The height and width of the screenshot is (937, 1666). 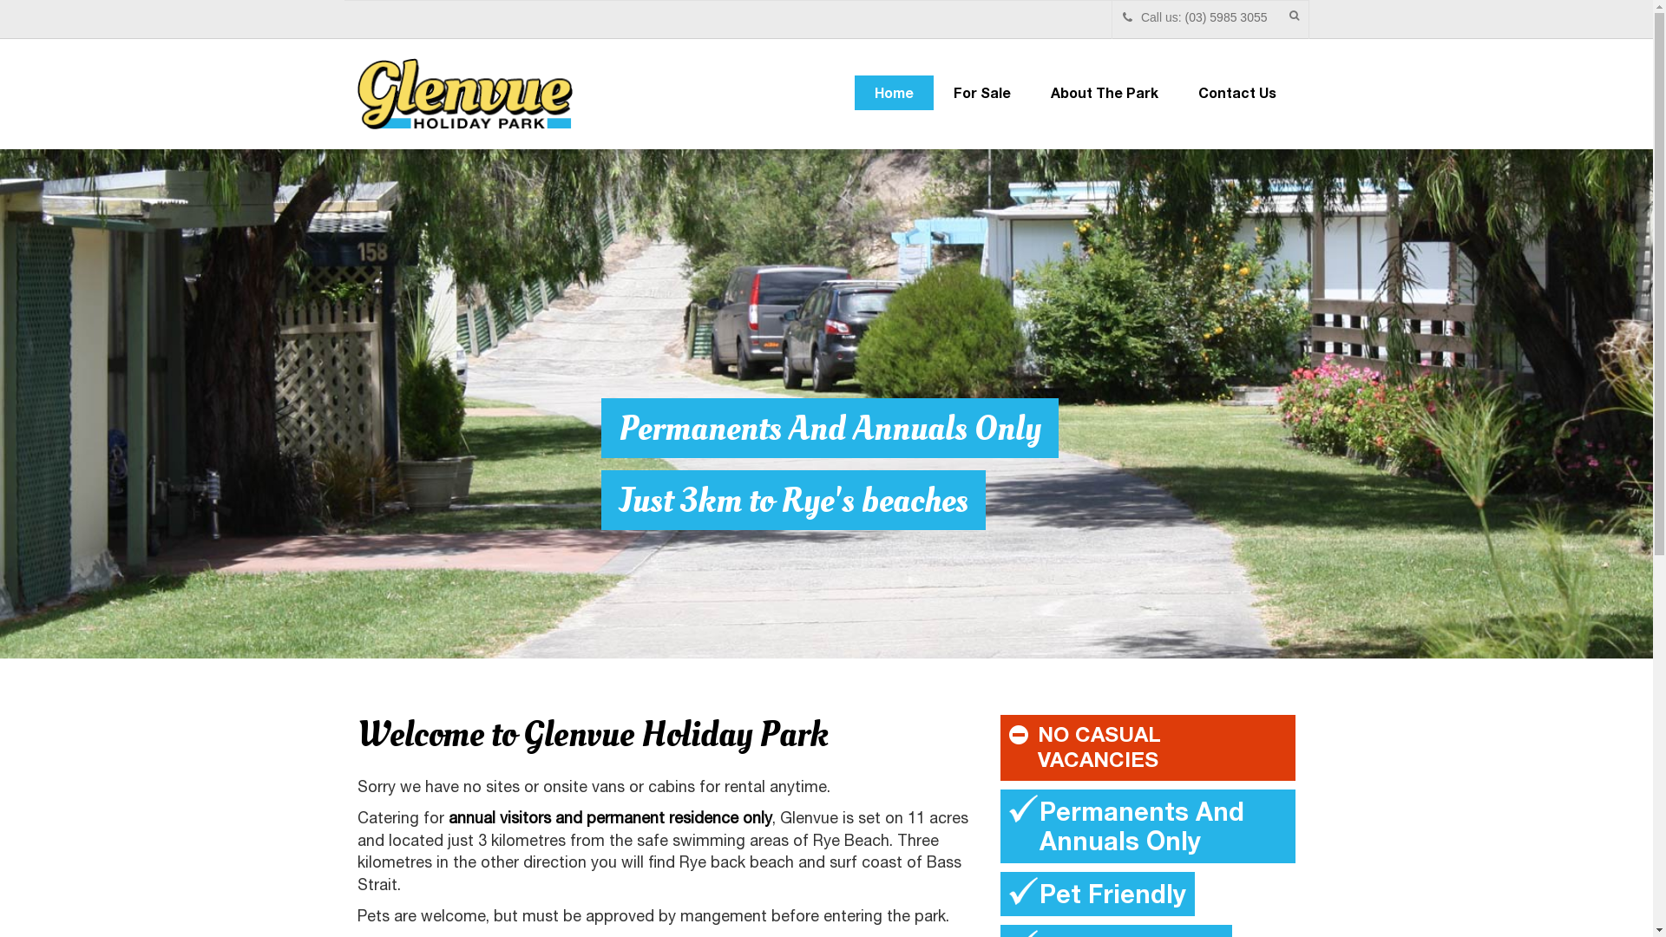 I want to click on '(03) 5985 3055', so click(x=1184, y=16).